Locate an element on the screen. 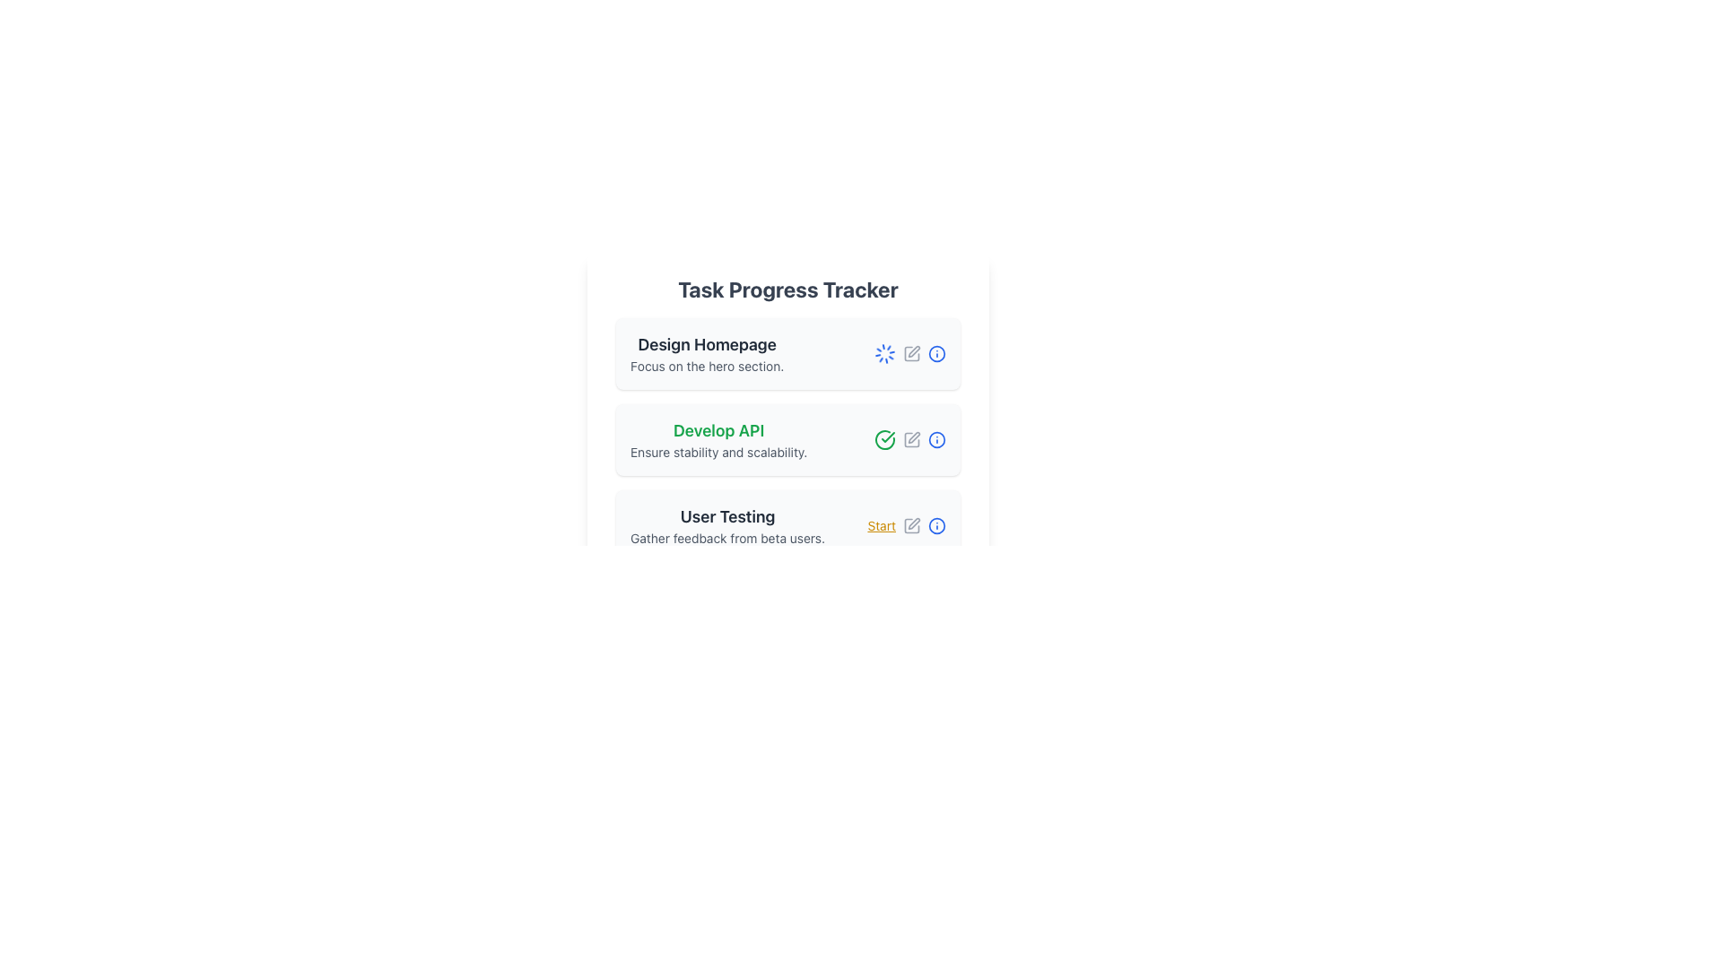 This screenshot has width=1722, height=968. the text label titled 'Design Homepage', which is the first item in the vertical list of tasks under the 'Task Progress Tracker' heading is located at coordinates (706, 345).